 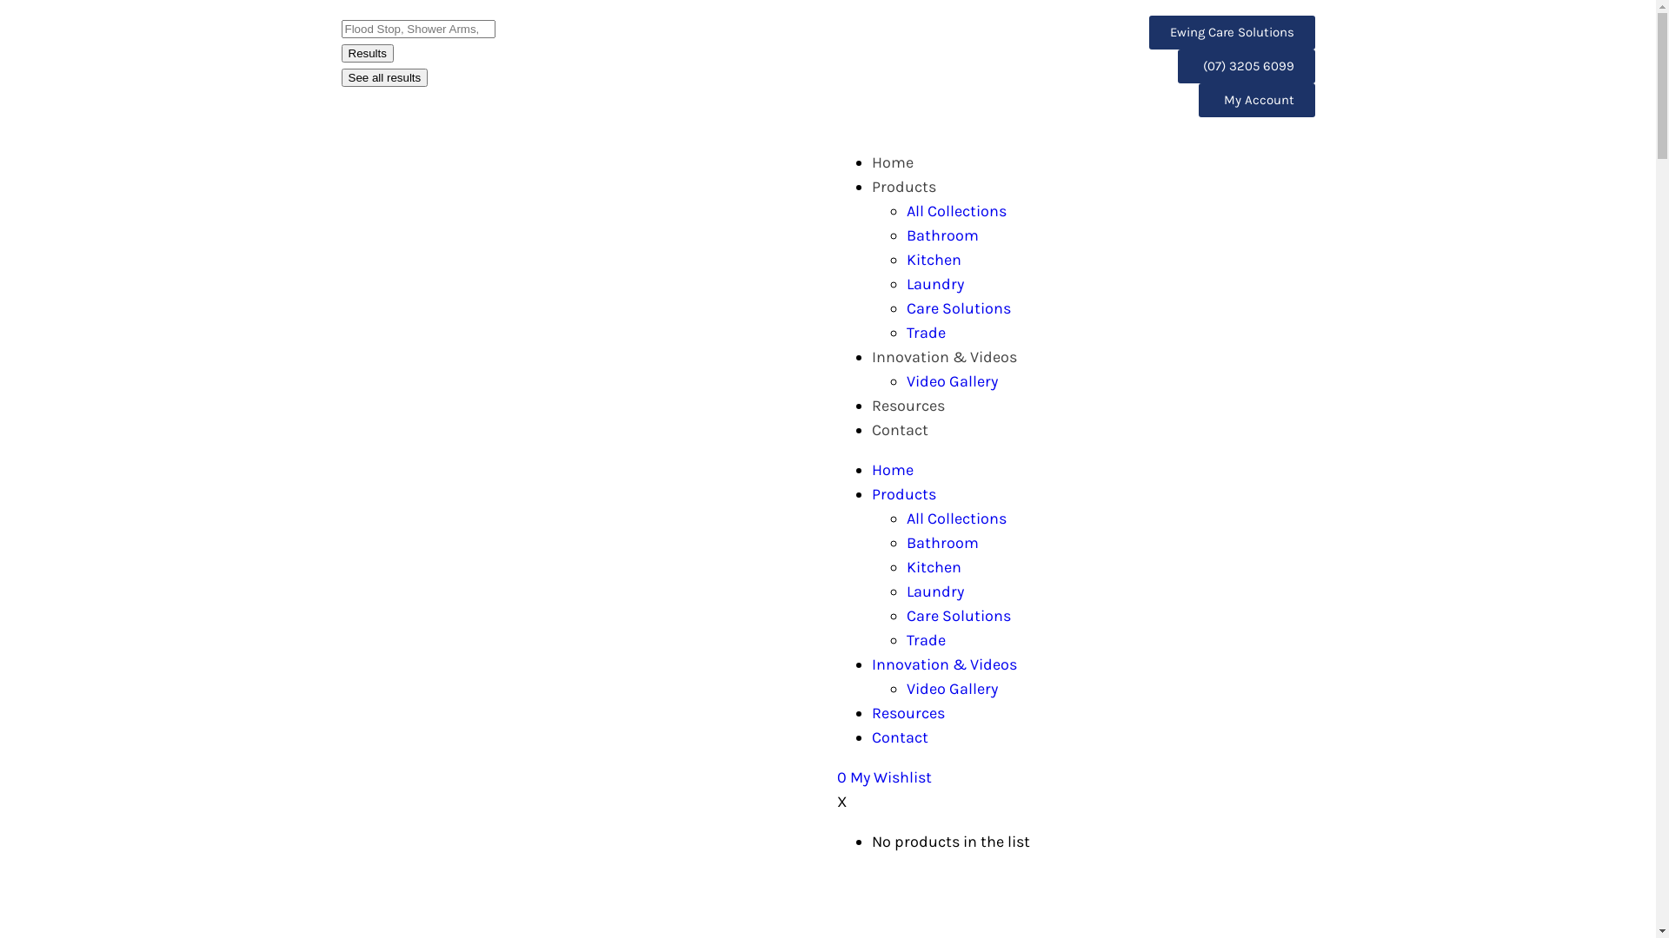 What do you see at coordinates (341, 76) in the screenshot?
I see `'See all results'` at bounding box center [341, 76].